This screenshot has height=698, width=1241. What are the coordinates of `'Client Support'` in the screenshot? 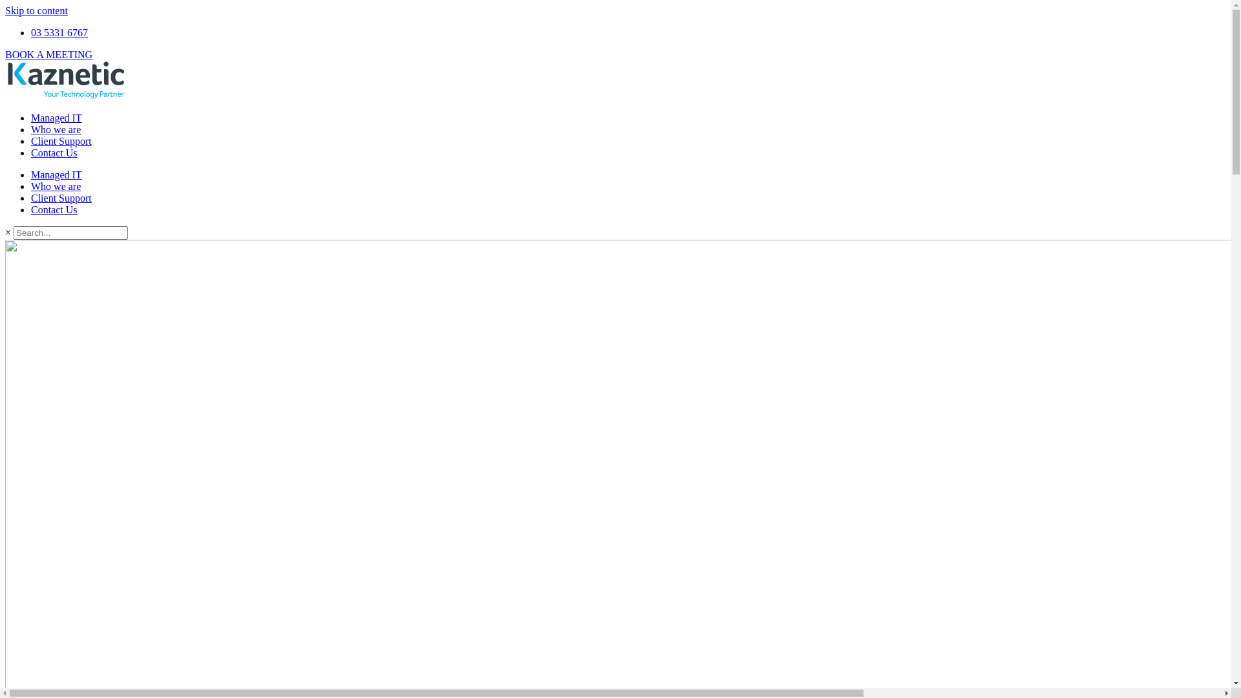 It's located at (31, 198).